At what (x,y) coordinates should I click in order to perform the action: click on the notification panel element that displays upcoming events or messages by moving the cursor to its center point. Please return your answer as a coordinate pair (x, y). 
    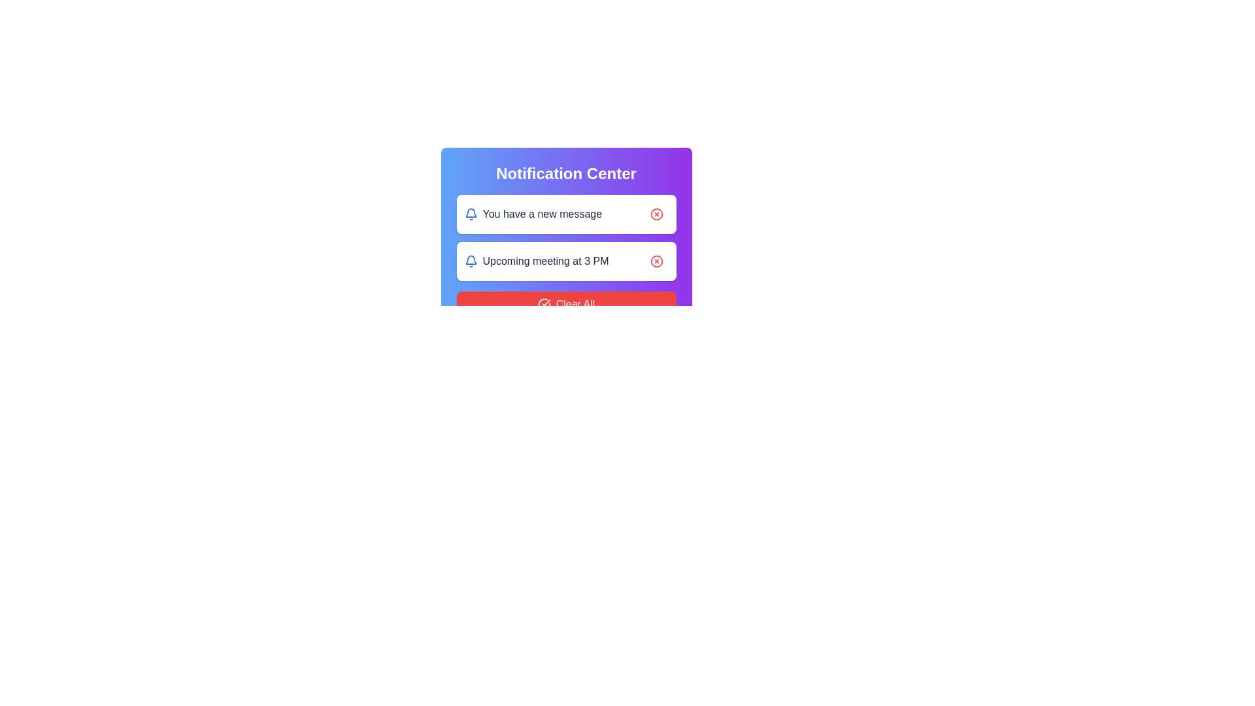
    Looking at the image, I should click on (566, 240).